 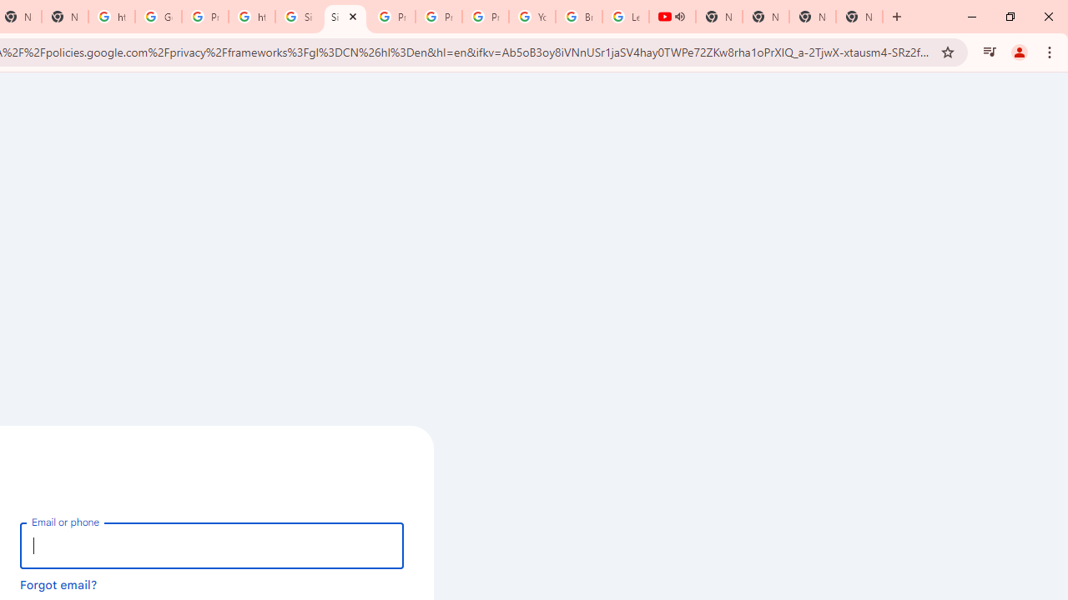 I want to click on 'Email or phone', so click(x=211, y=545).